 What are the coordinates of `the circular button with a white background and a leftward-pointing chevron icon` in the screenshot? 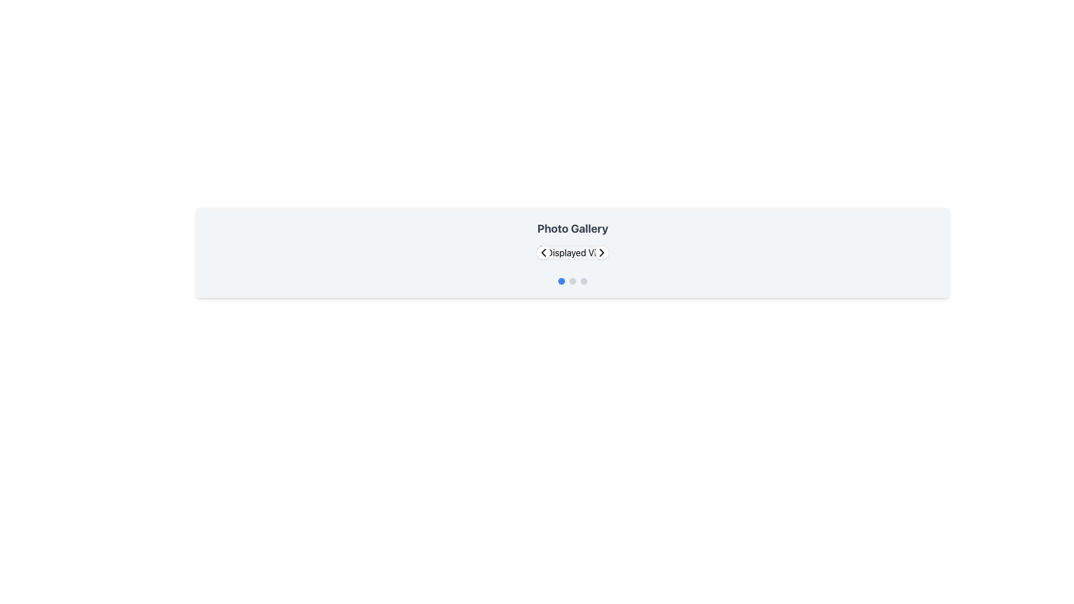 It's located at (543, 252).